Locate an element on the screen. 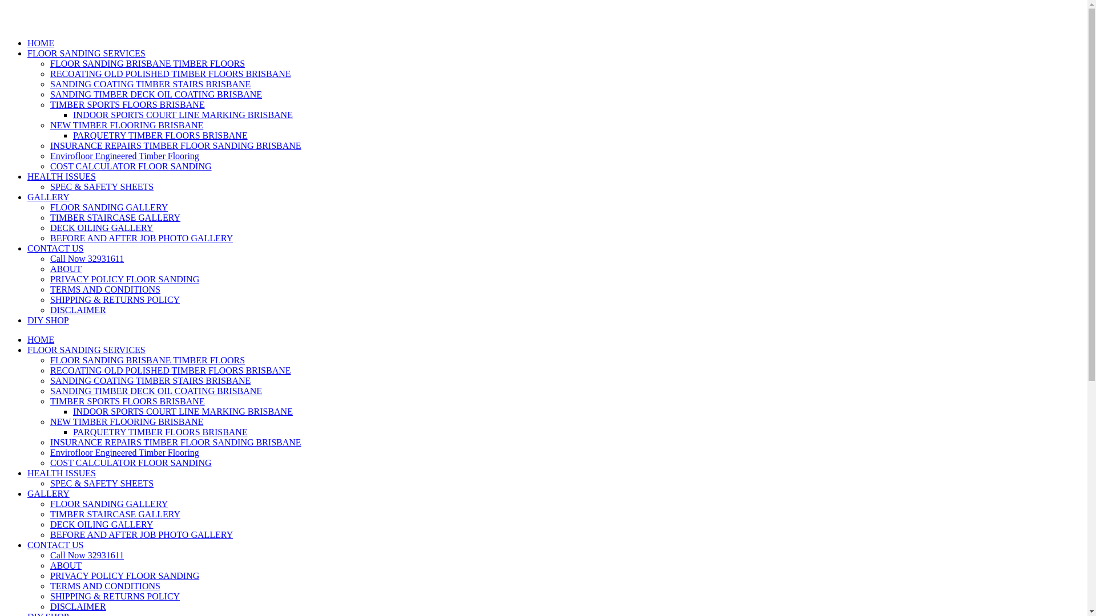 The image size is (1096, 616). 'DISCLAIMER' is located at coordinates (78, 606).